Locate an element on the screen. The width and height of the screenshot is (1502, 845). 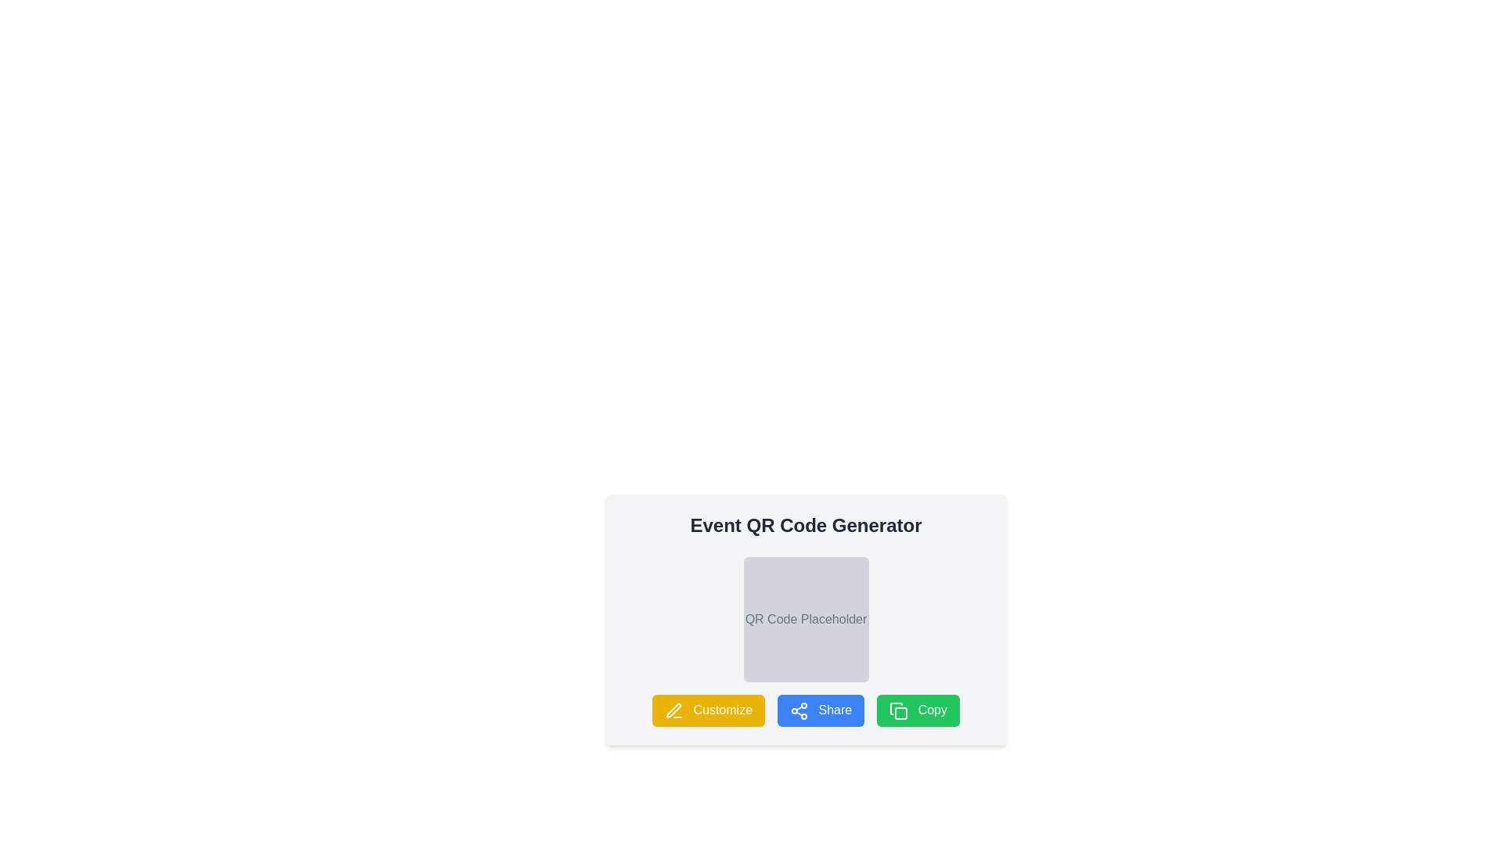
the blue 'Share' button is located at coordinates (806, 710).